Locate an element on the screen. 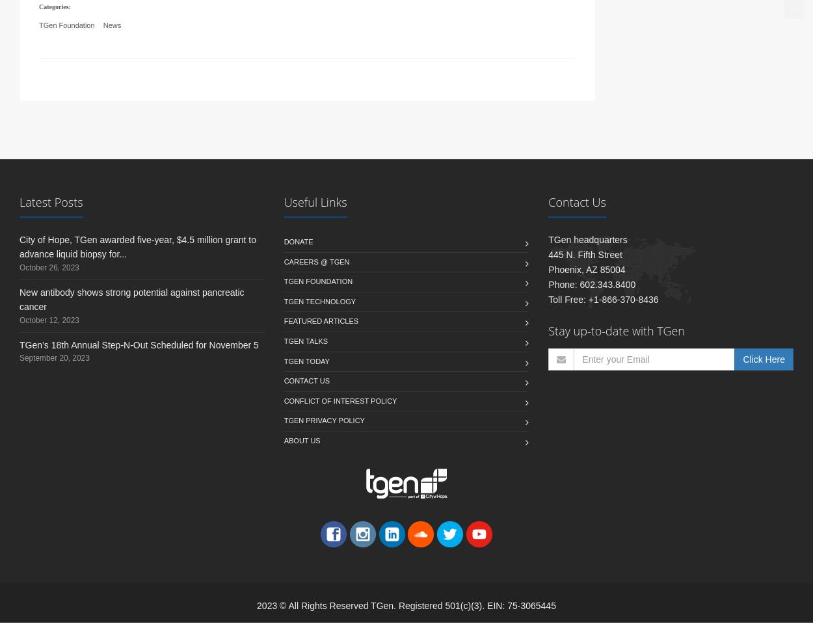  'Categories:' is located at coordinates (54, 21).